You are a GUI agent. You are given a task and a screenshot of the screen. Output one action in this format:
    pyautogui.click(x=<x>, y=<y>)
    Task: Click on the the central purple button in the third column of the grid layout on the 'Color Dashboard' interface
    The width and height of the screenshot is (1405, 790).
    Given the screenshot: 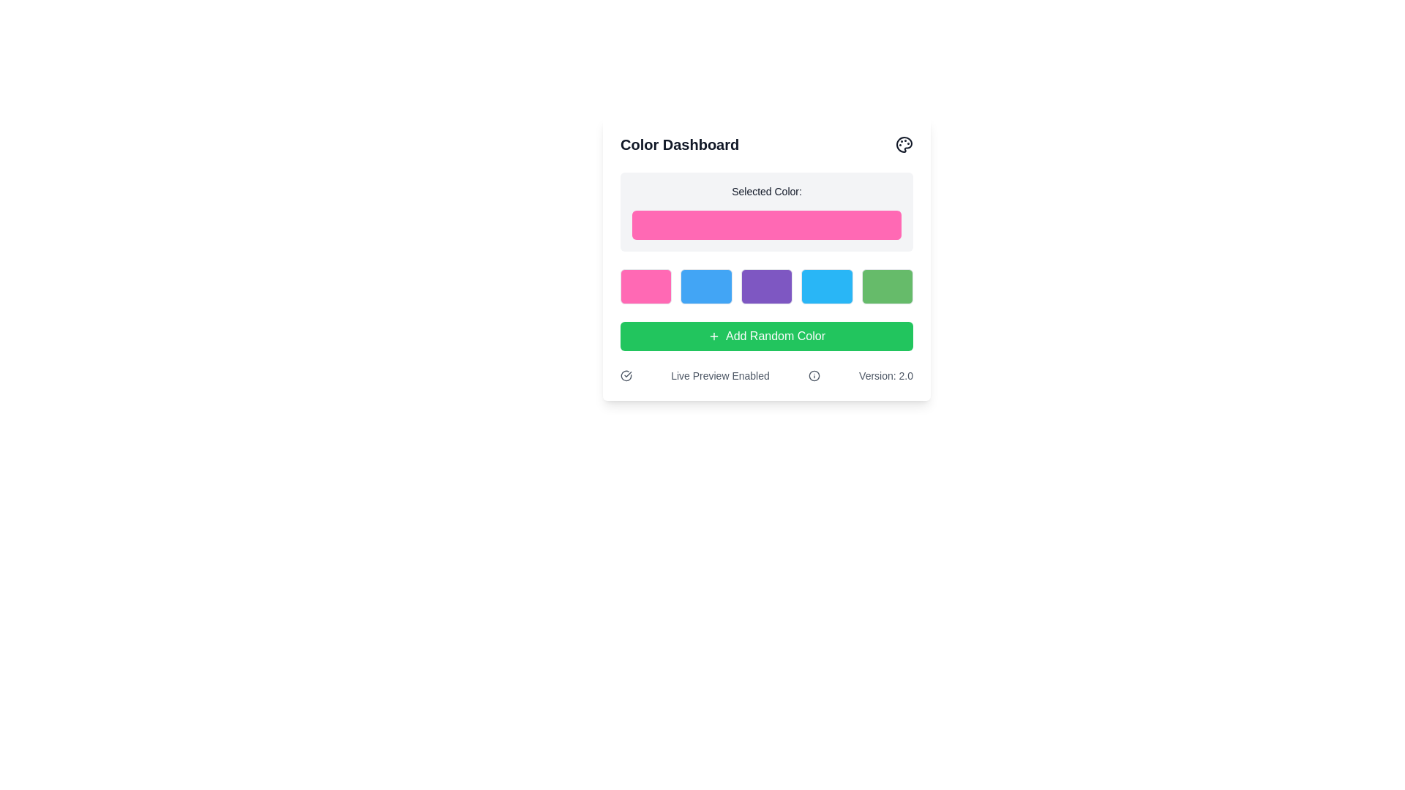 What is the action you would take?
    pyautogui.click(x=765, y=287)
    